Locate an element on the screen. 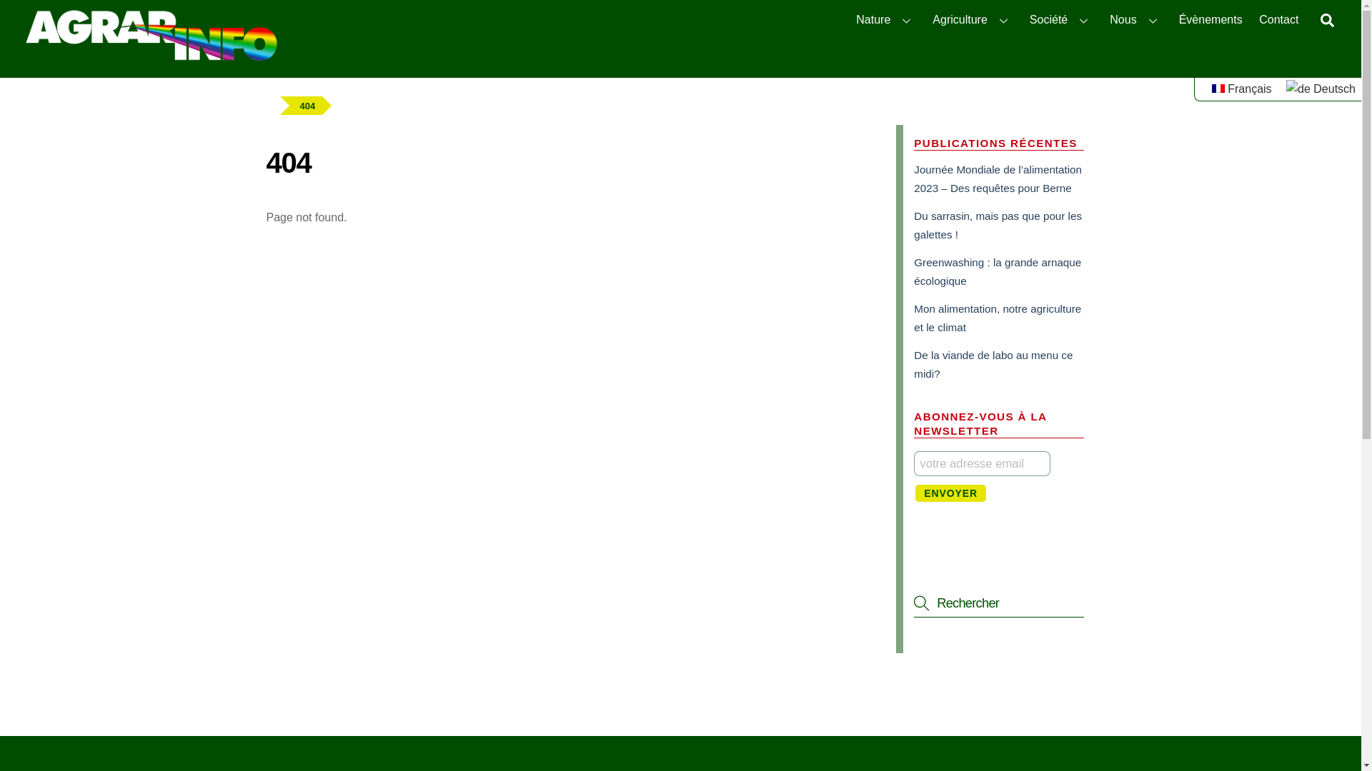 The height and width of the screenshot is (771, 1372). 'Deutsch' is located at coordinates (1286, 89).